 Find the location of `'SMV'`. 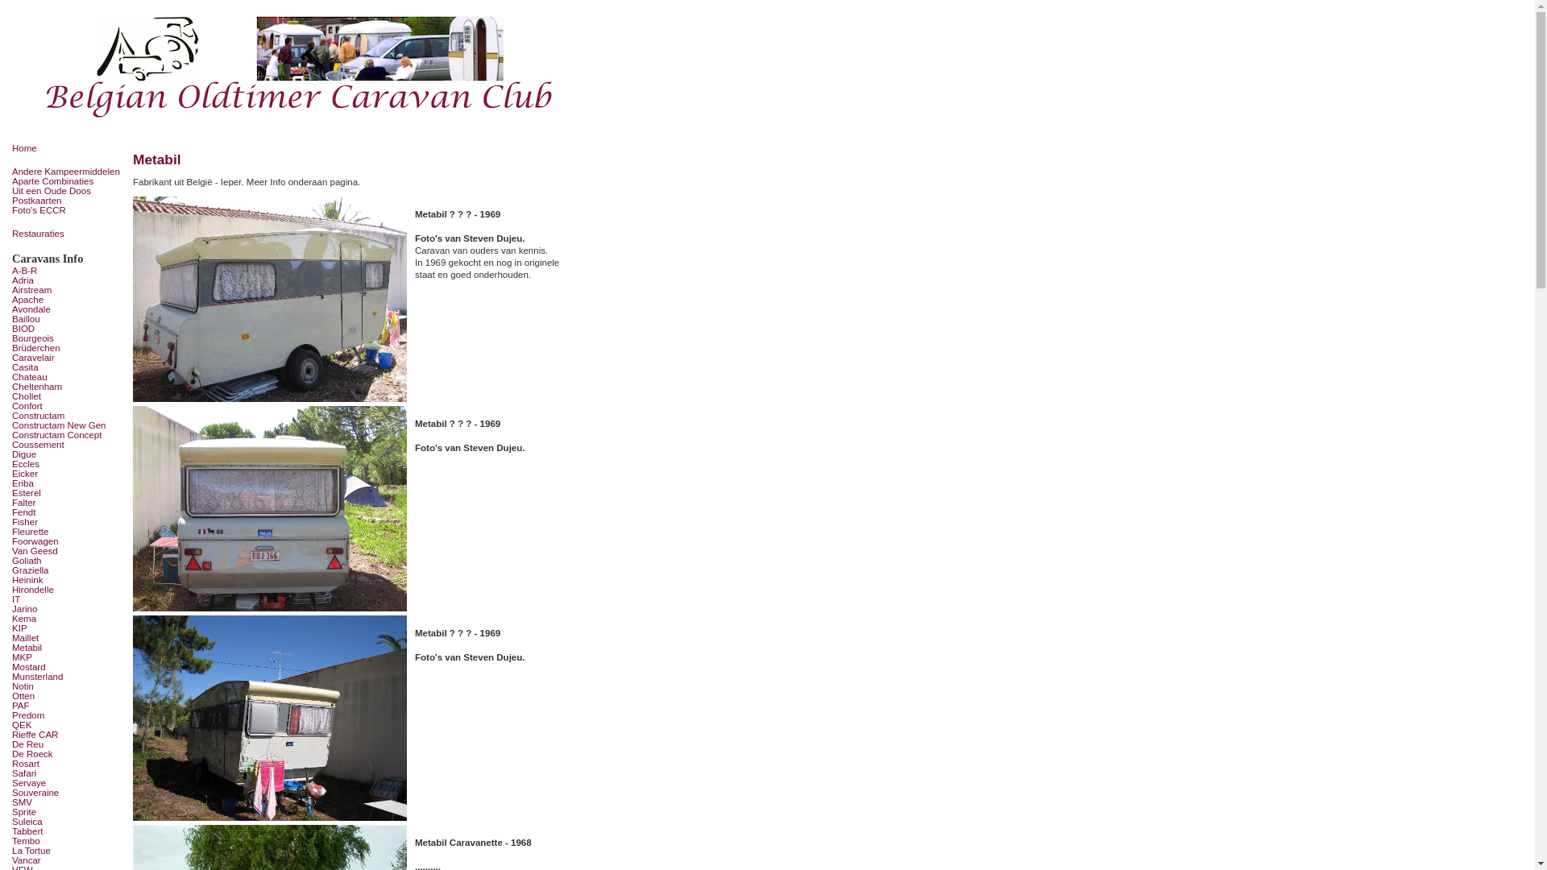

'SMV' is located at coordinates (68, 802).